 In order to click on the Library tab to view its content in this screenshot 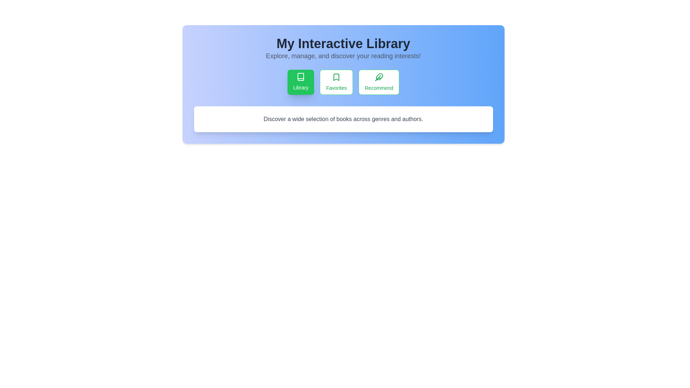, I will do `click(300, 82)`.